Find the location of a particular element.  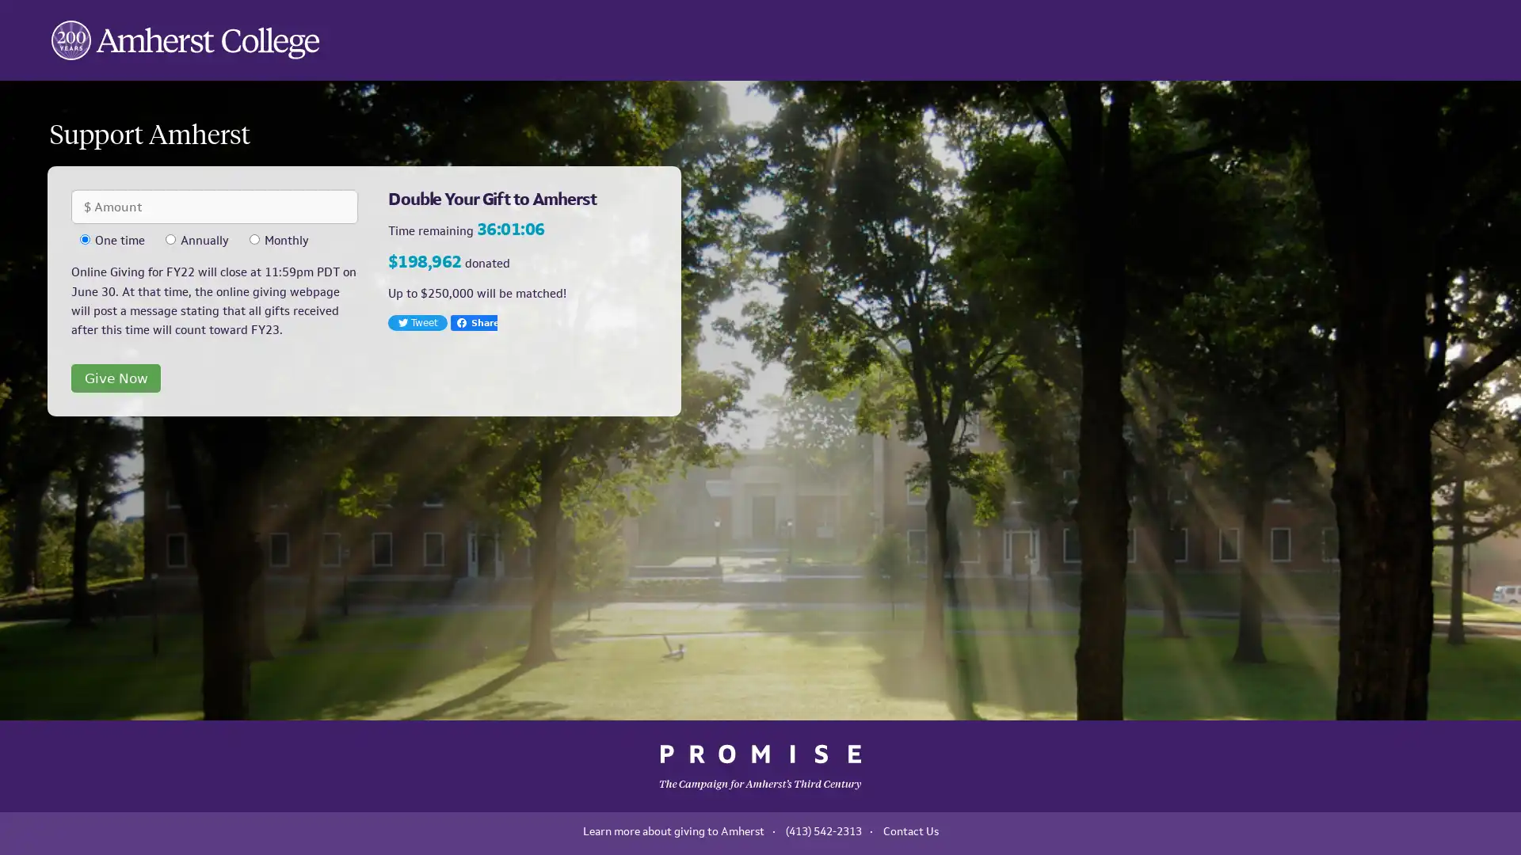

Give Now is located at coordinates (115, 378).